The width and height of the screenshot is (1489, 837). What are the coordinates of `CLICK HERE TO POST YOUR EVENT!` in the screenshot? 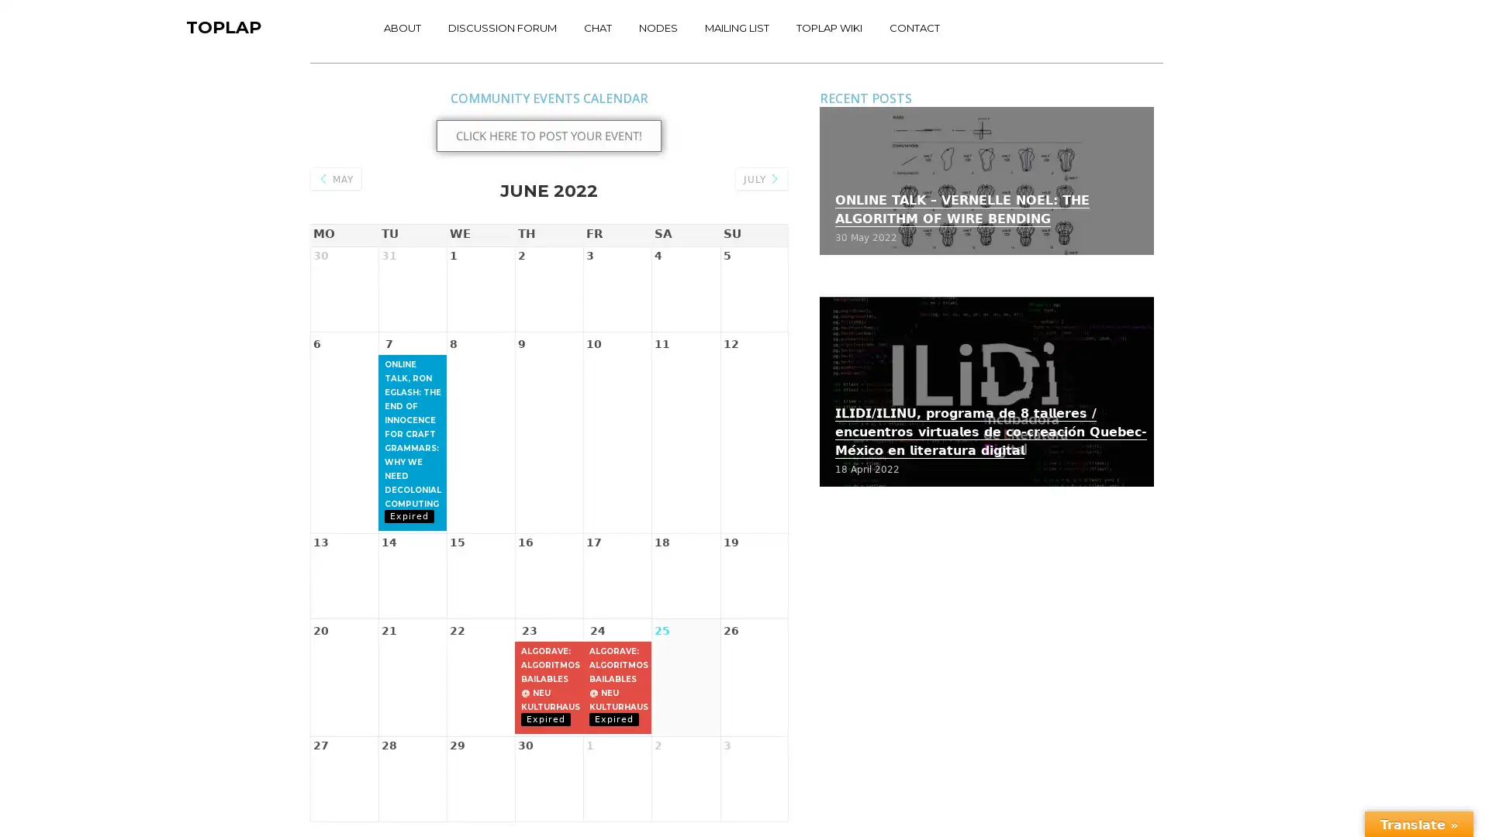 It's located at (549, 135).